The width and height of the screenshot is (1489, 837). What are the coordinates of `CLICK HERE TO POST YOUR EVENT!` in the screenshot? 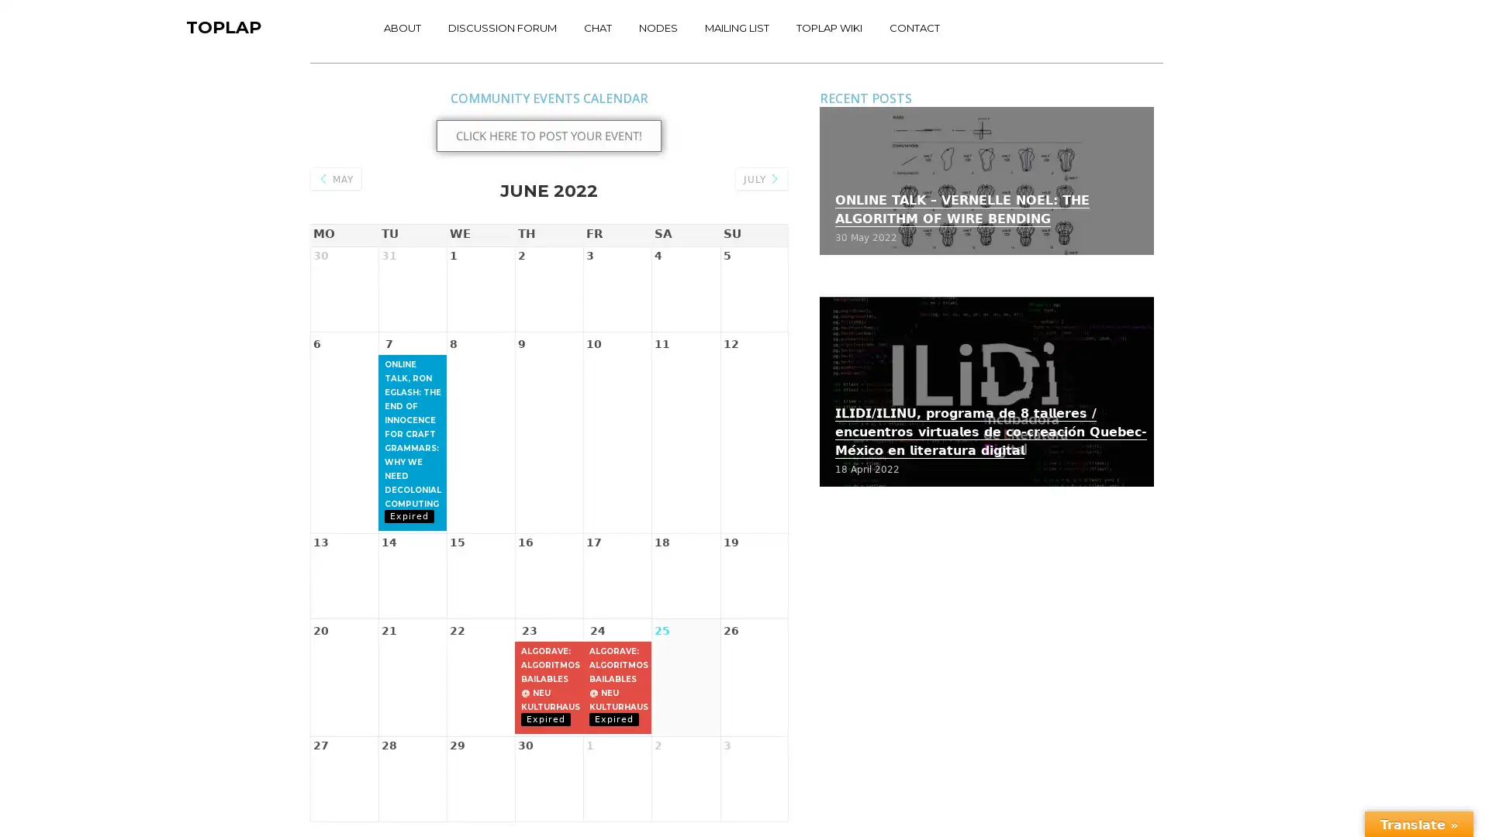 It's located at (549, 135).